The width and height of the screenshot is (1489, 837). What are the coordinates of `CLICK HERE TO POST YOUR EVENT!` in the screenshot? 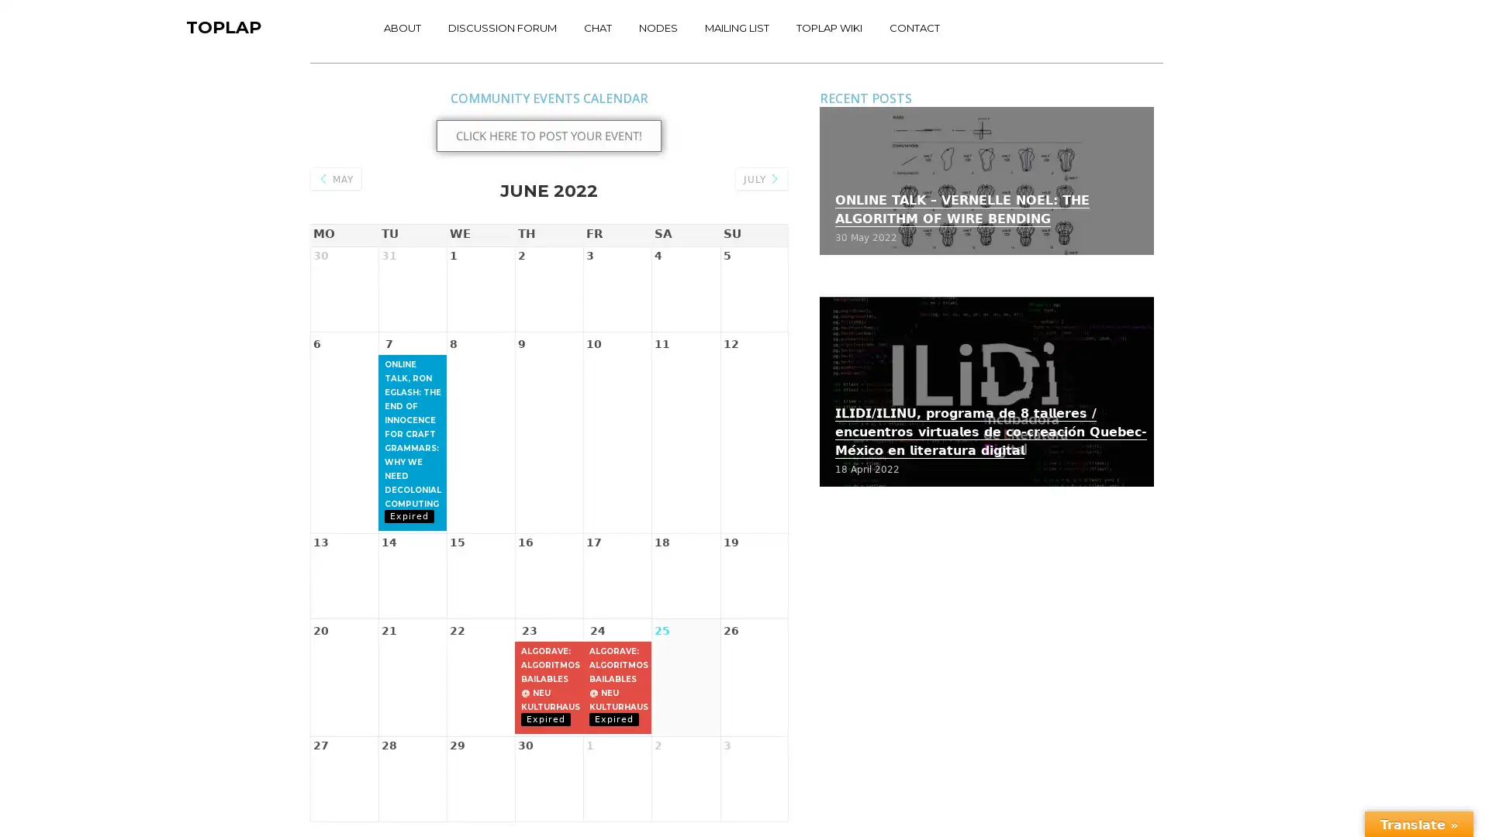 It's located at (549, 135).